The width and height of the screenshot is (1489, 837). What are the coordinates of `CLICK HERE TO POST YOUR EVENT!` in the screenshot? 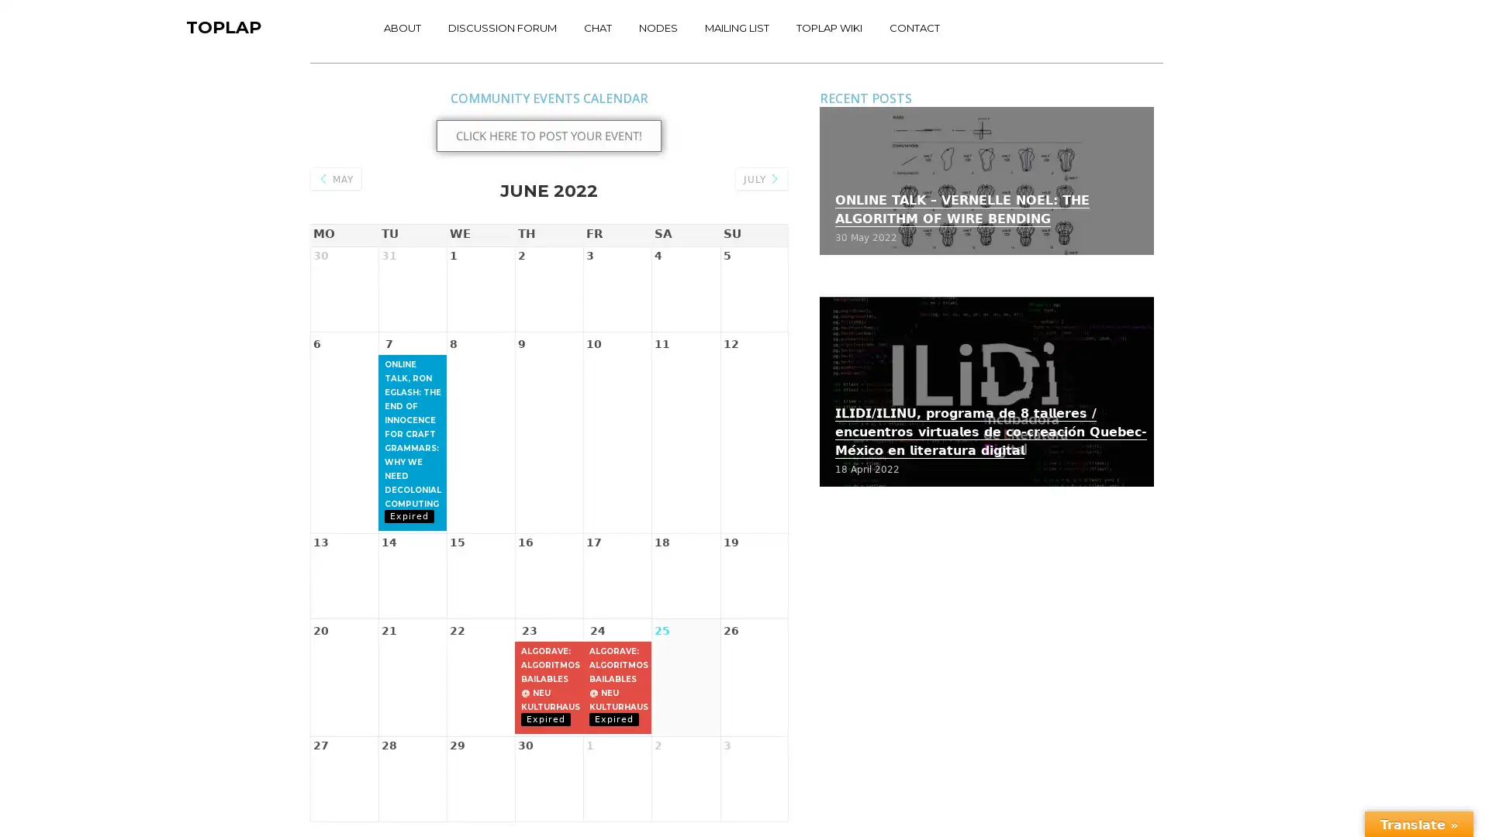 It's located at (549, 135).